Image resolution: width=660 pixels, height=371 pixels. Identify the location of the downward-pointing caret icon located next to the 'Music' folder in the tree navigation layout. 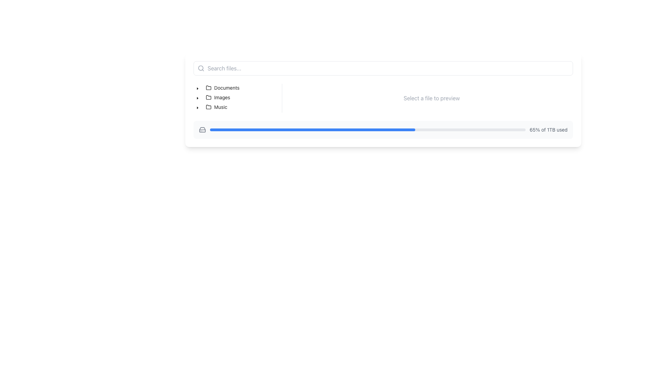
(197, 108).